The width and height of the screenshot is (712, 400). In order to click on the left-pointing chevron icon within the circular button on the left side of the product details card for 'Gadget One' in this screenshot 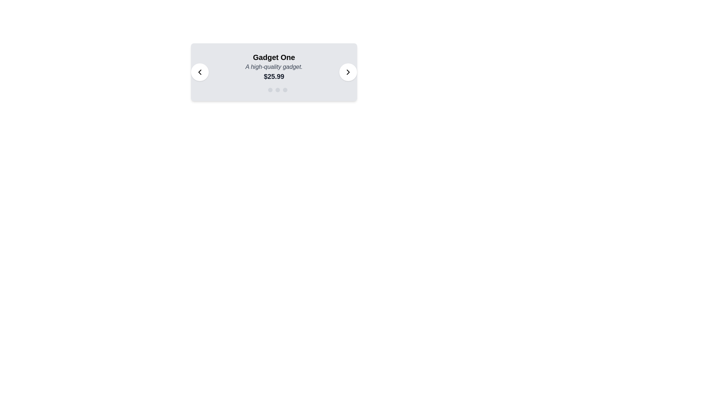, I will do `click(200, 72)`.